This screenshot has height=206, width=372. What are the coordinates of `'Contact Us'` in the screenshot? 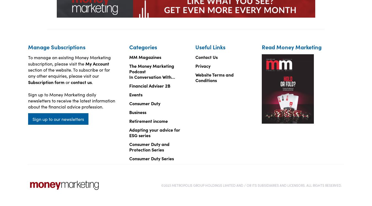 It's located at (206, 57).